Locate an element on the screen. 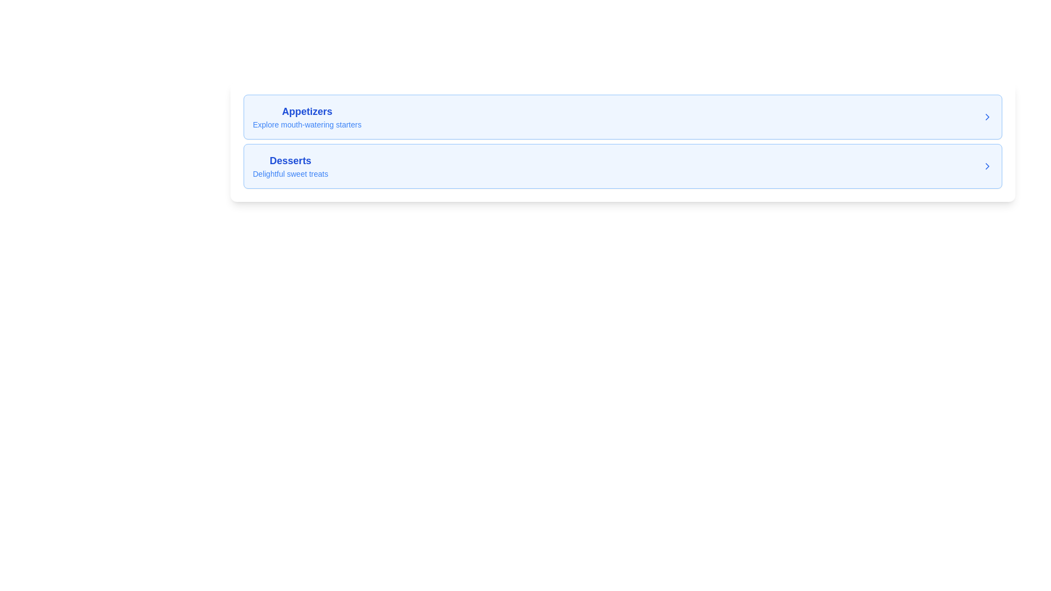  text content of the clickable link or descriptive subtitle located beneath the 'Appetizers' heading and above the 'Desserts' section is located at coordinates (307, 124).